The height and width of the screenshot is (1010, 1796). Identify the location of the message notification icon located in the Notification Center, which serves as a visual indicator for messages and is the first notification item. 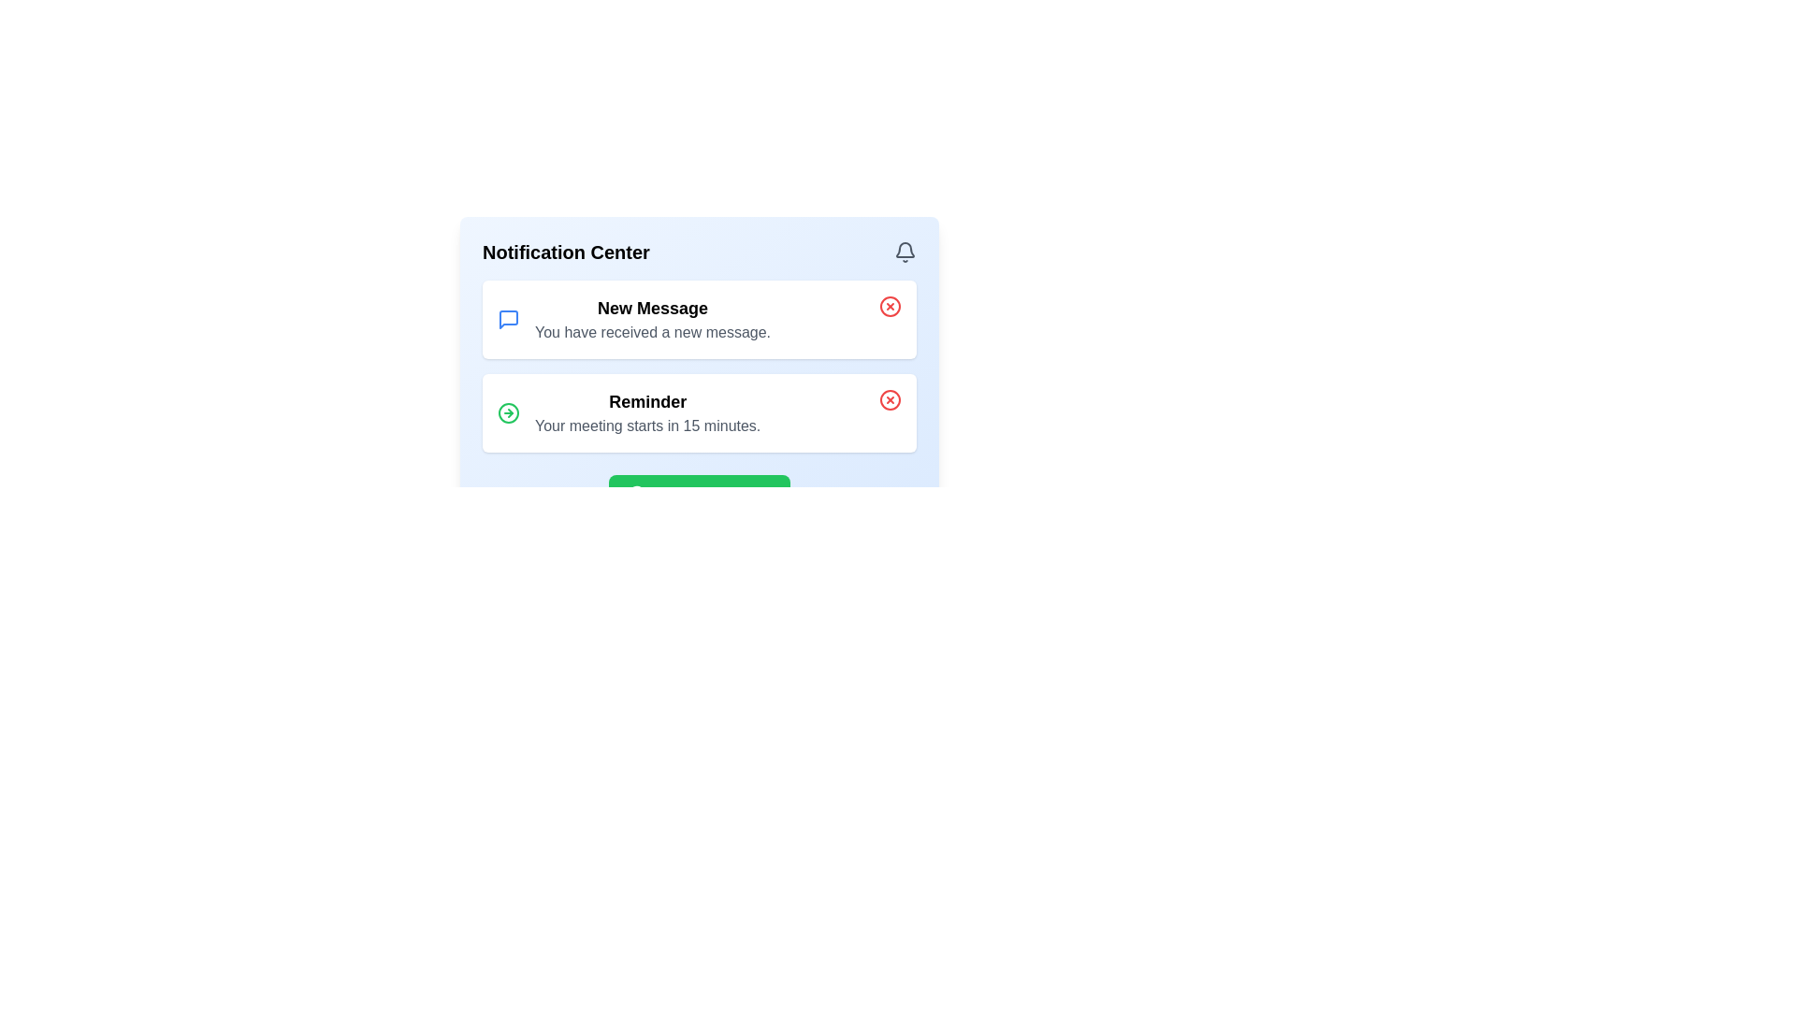
(508, 319).